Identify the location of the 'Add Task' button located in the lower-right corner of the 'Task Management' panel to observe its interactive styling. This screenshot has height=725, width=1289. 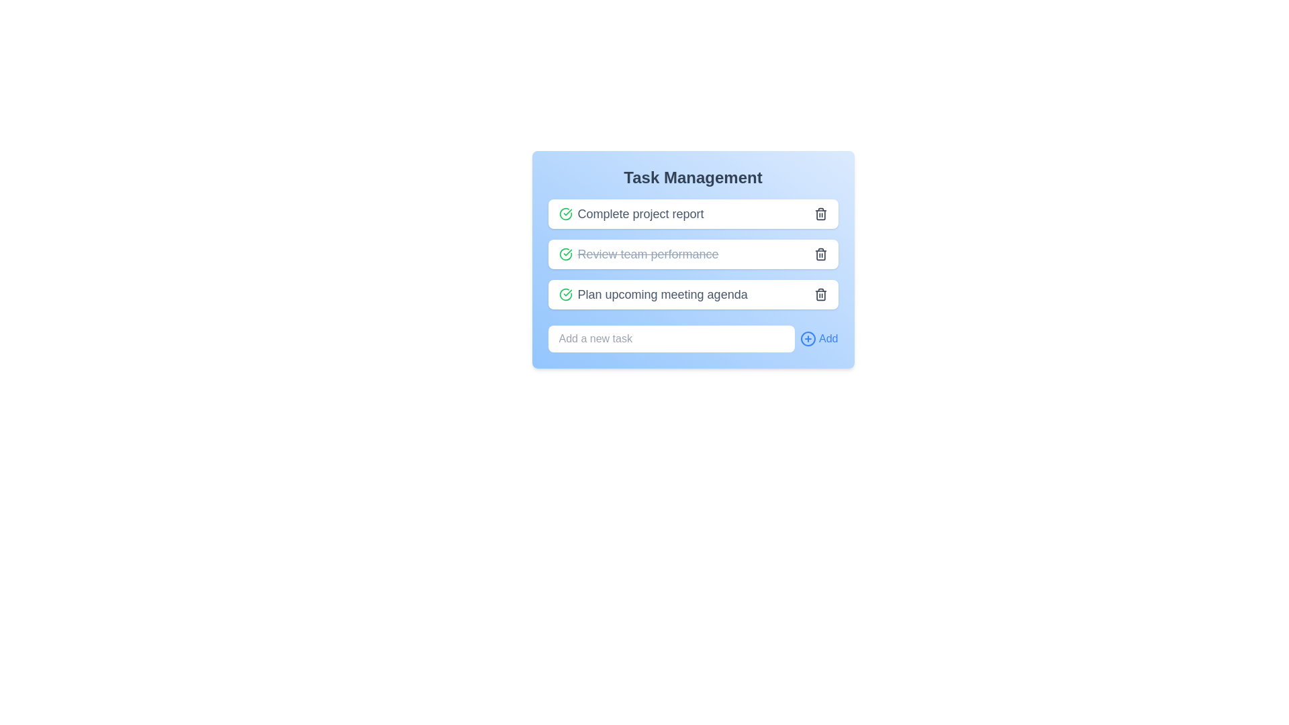
(818, 338).